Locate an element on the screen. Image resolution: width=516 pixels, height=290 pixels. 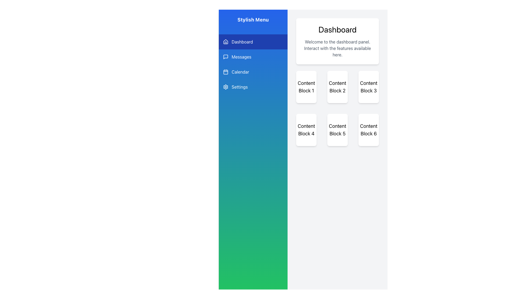
the calendar icon located in the left sidebar menu, which is the first icon beneath 'Messages' and above 'Settings' is located at coordinates (226, 71).